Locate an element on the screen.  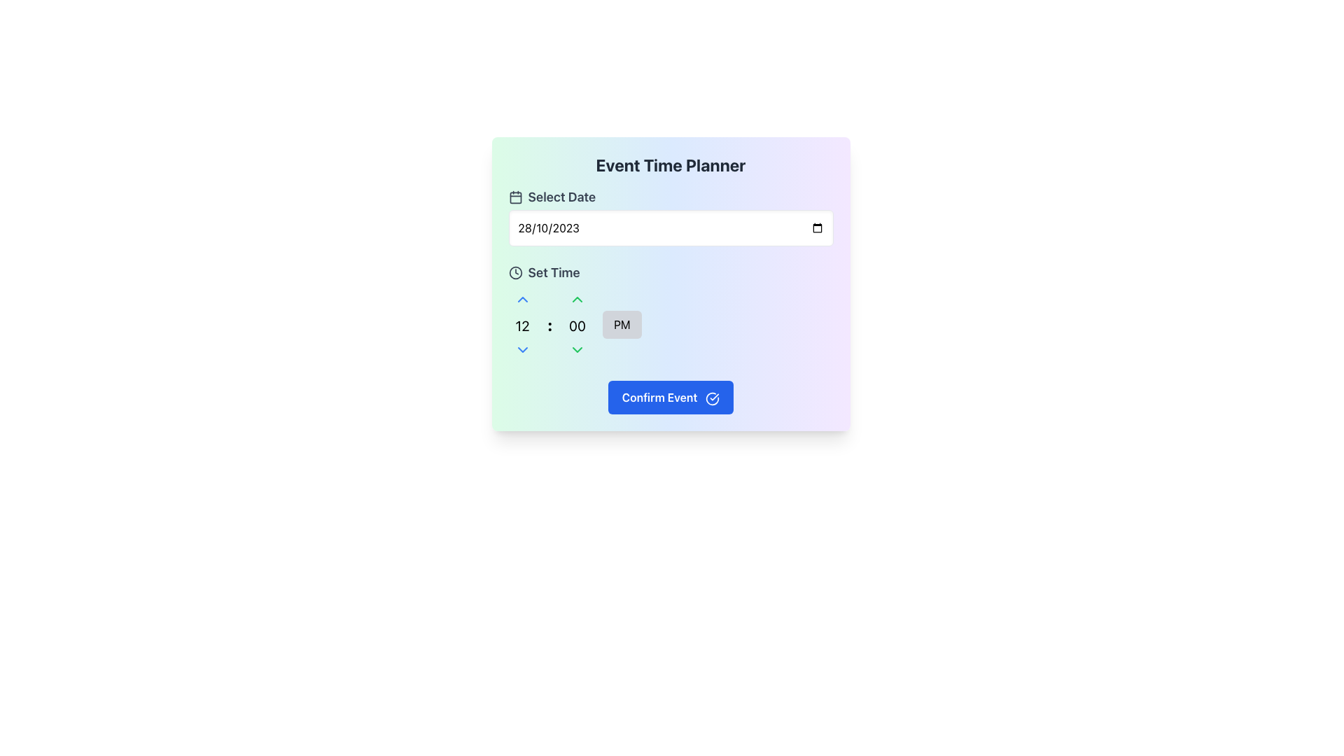
the confirm button located at the bottom center of the 'Event Time Planner' section to finalize the event details is located at coordinates (670, 397).